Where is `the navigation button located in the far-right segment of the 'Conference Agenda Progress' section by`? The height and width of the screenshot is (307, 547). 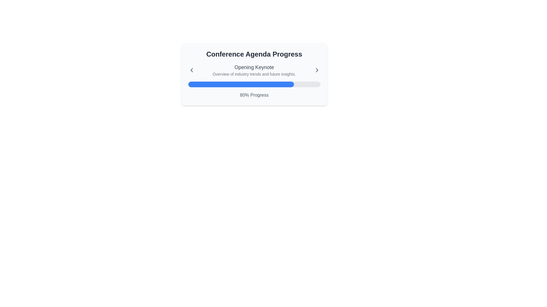
the navigation button located in the far-right segment of the 'Conference Agenda Progress' section by is located at coordinates (317, 70).